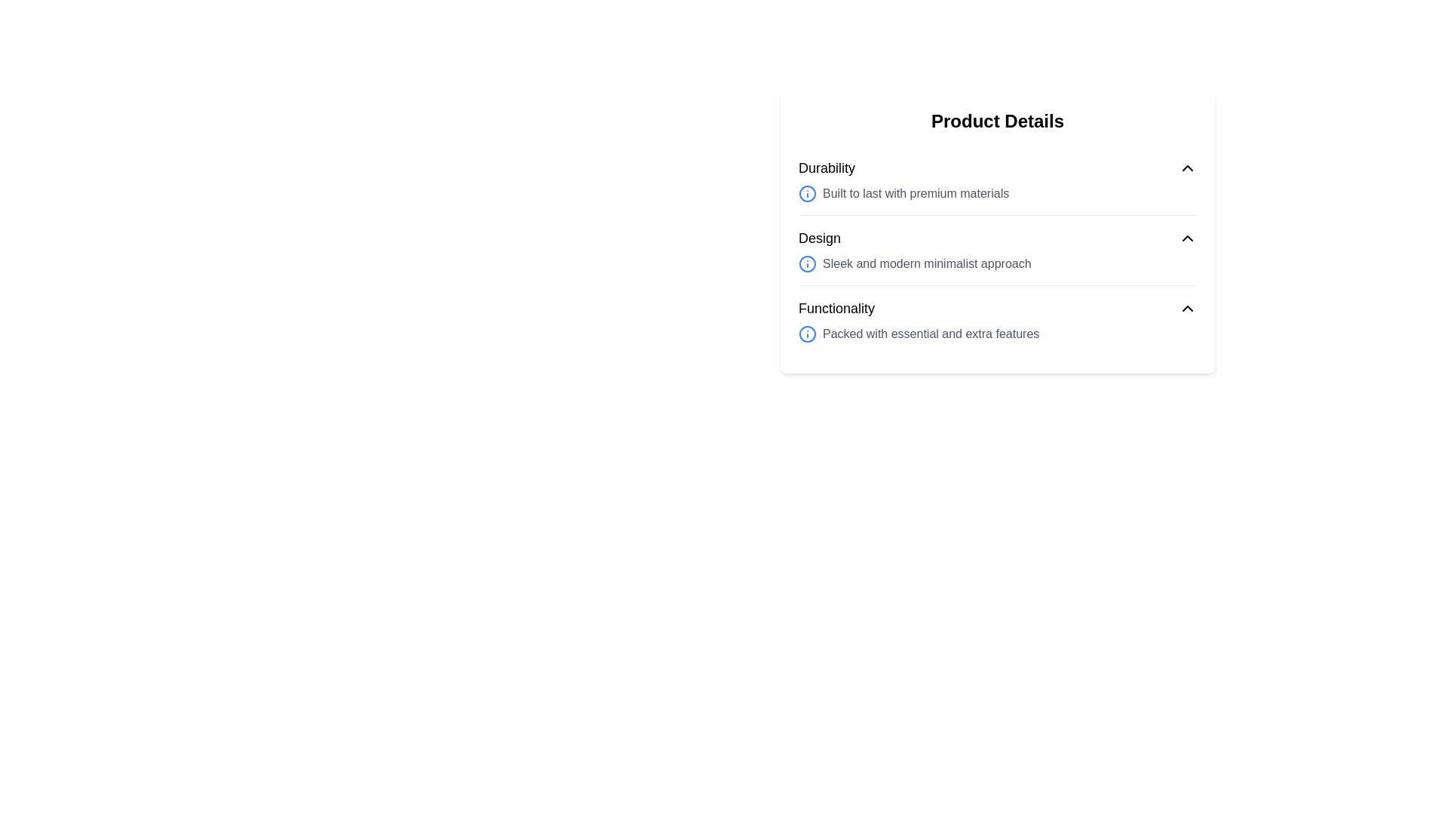 The height and width of the screenshot is (815, 1448). I want to click on the upward-pointing chevron icon located to the right of the 'Functionality' text, so click(1186, 307).